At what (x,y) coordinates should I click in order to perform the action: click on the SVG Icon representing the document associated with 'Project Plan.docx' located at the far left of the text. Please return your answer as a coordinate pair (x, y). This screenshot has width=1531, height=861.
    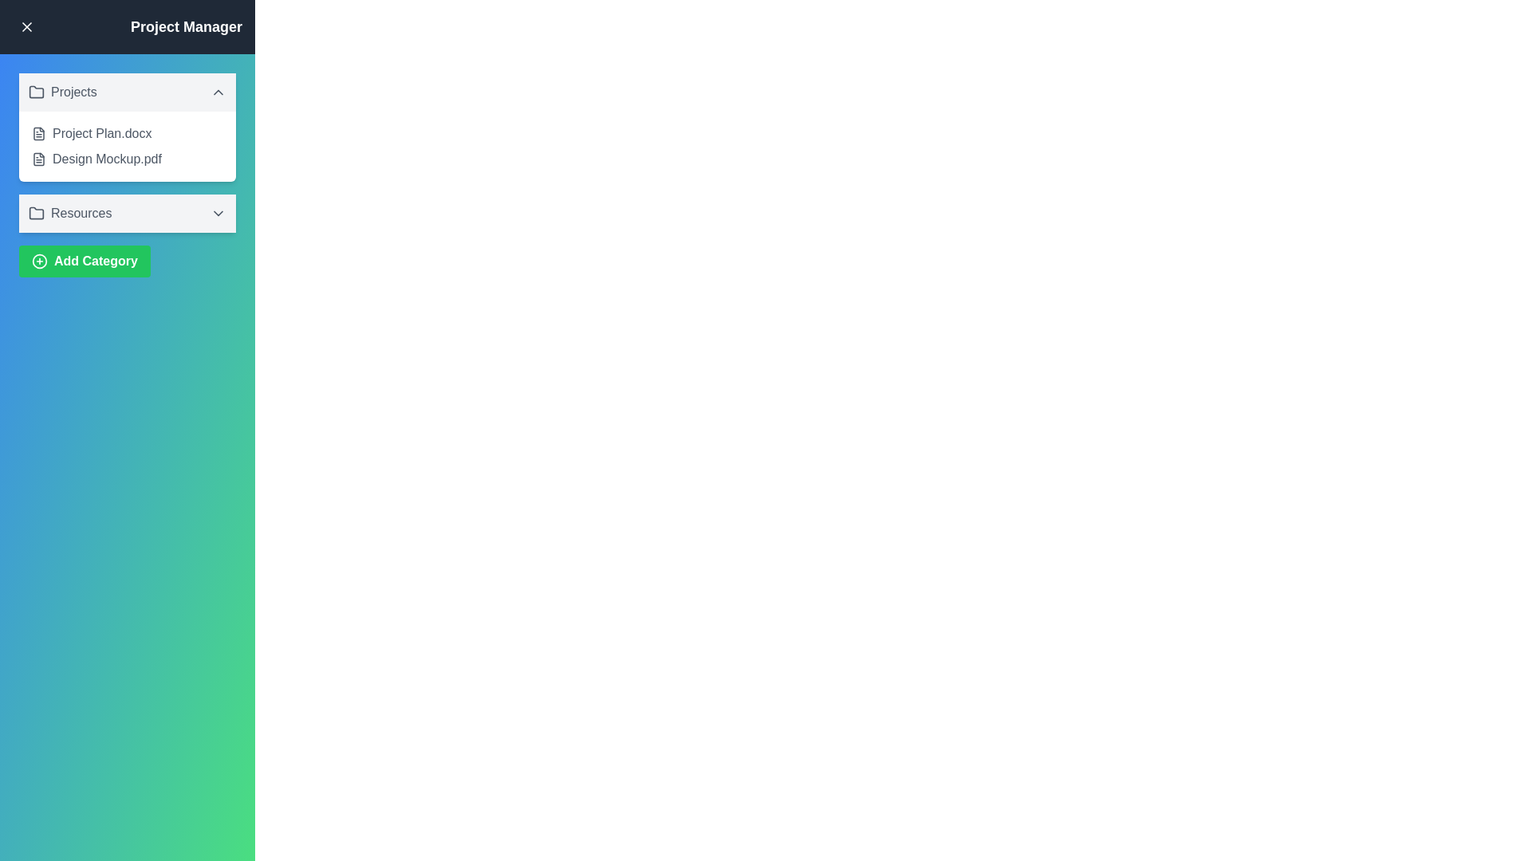
    Looking at the image, I should click on (38, 133).